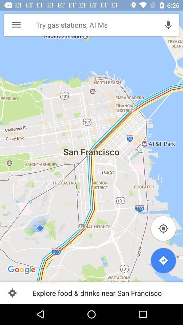 Image resolution: width=183 pixels, height=325 pixels. What do you see at coordinates (163, 228) in the screenshot?
I see `pin location button which is below att park` at bounding box center [163, 228].